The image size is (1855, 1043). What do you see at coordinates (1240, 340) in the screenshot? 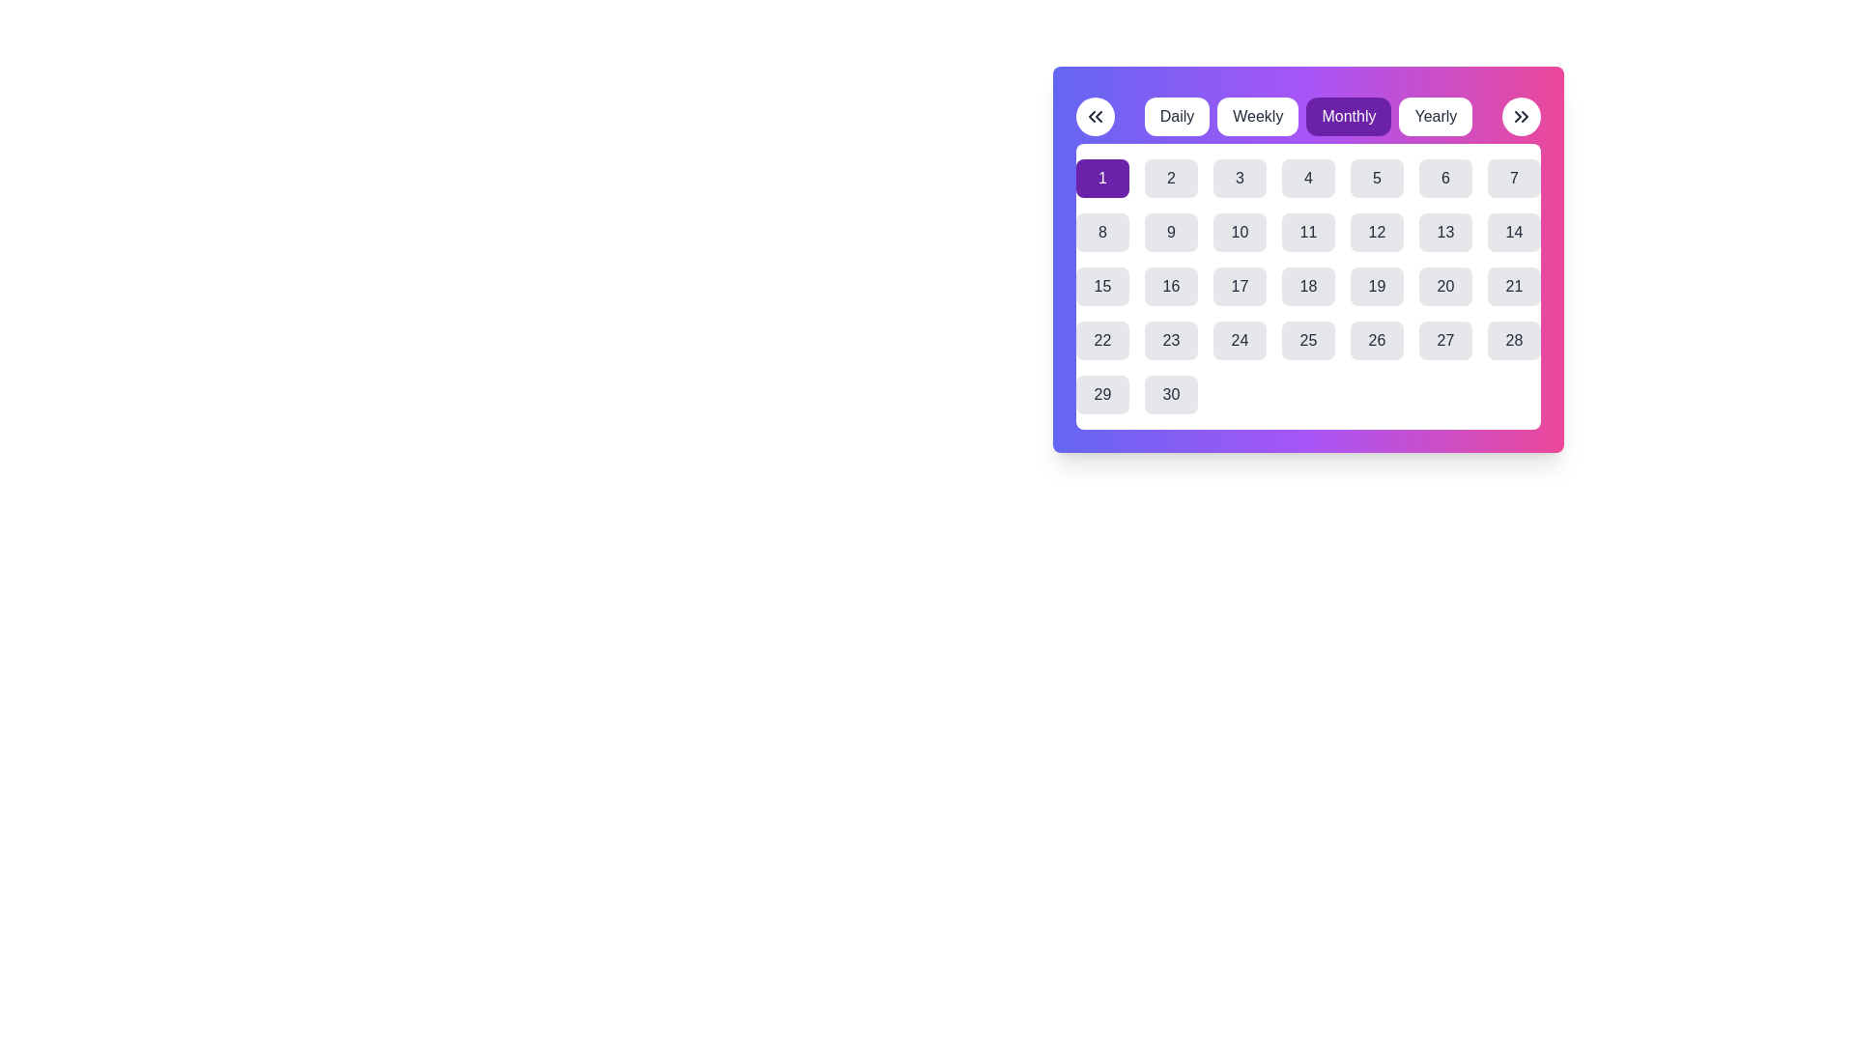
I see `the button displaying the number '24' located in the fifth row and fourth column of the calendar-style grid` at bounding box center [1240, 340].